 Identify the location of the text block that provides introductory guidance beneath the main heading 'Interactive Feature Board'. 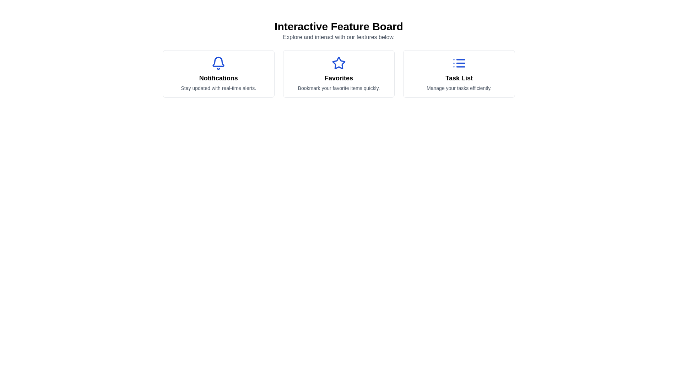
(339, 37).